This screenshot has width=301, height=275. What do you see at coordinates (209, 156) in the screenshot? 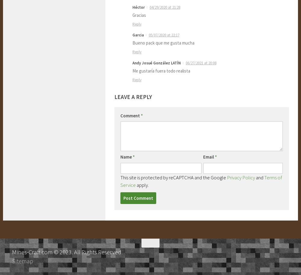
I see `'Email'` at bounding box center [209, 156].